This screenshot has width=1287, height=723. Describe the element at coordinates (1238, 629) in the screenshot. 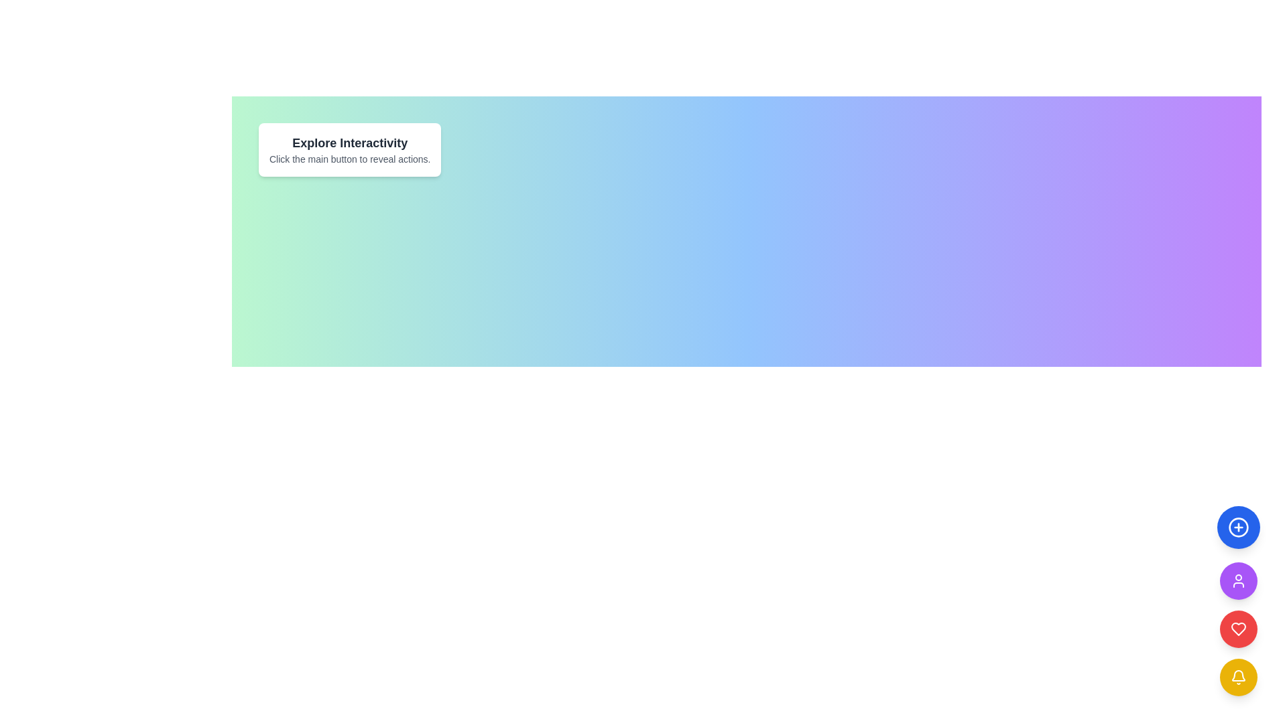

I see `the favorites button located third in a vertical stack of action buttons` at that location.